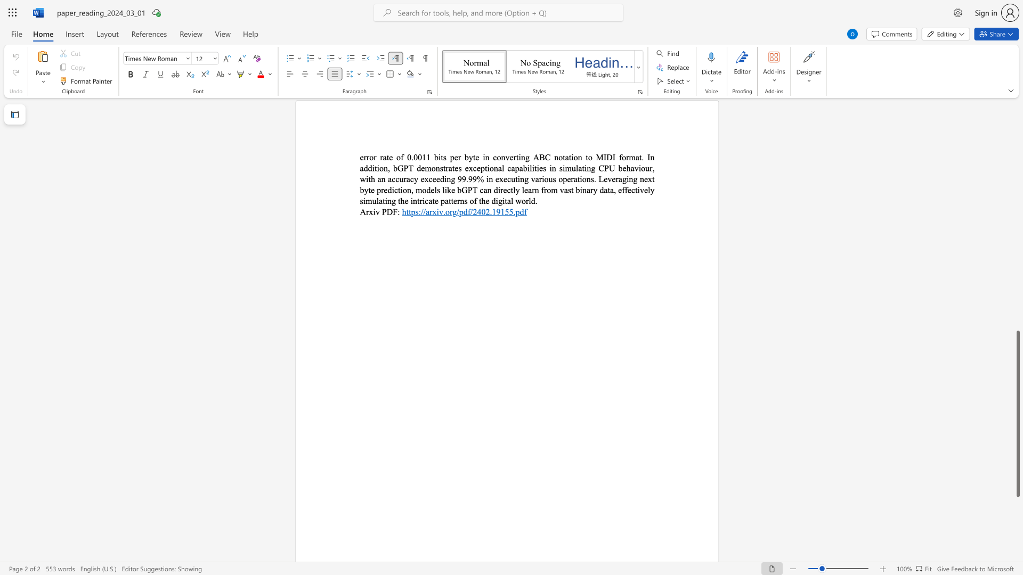  I want to click on the scrollbar to move the content higher, so click(1017, 244).